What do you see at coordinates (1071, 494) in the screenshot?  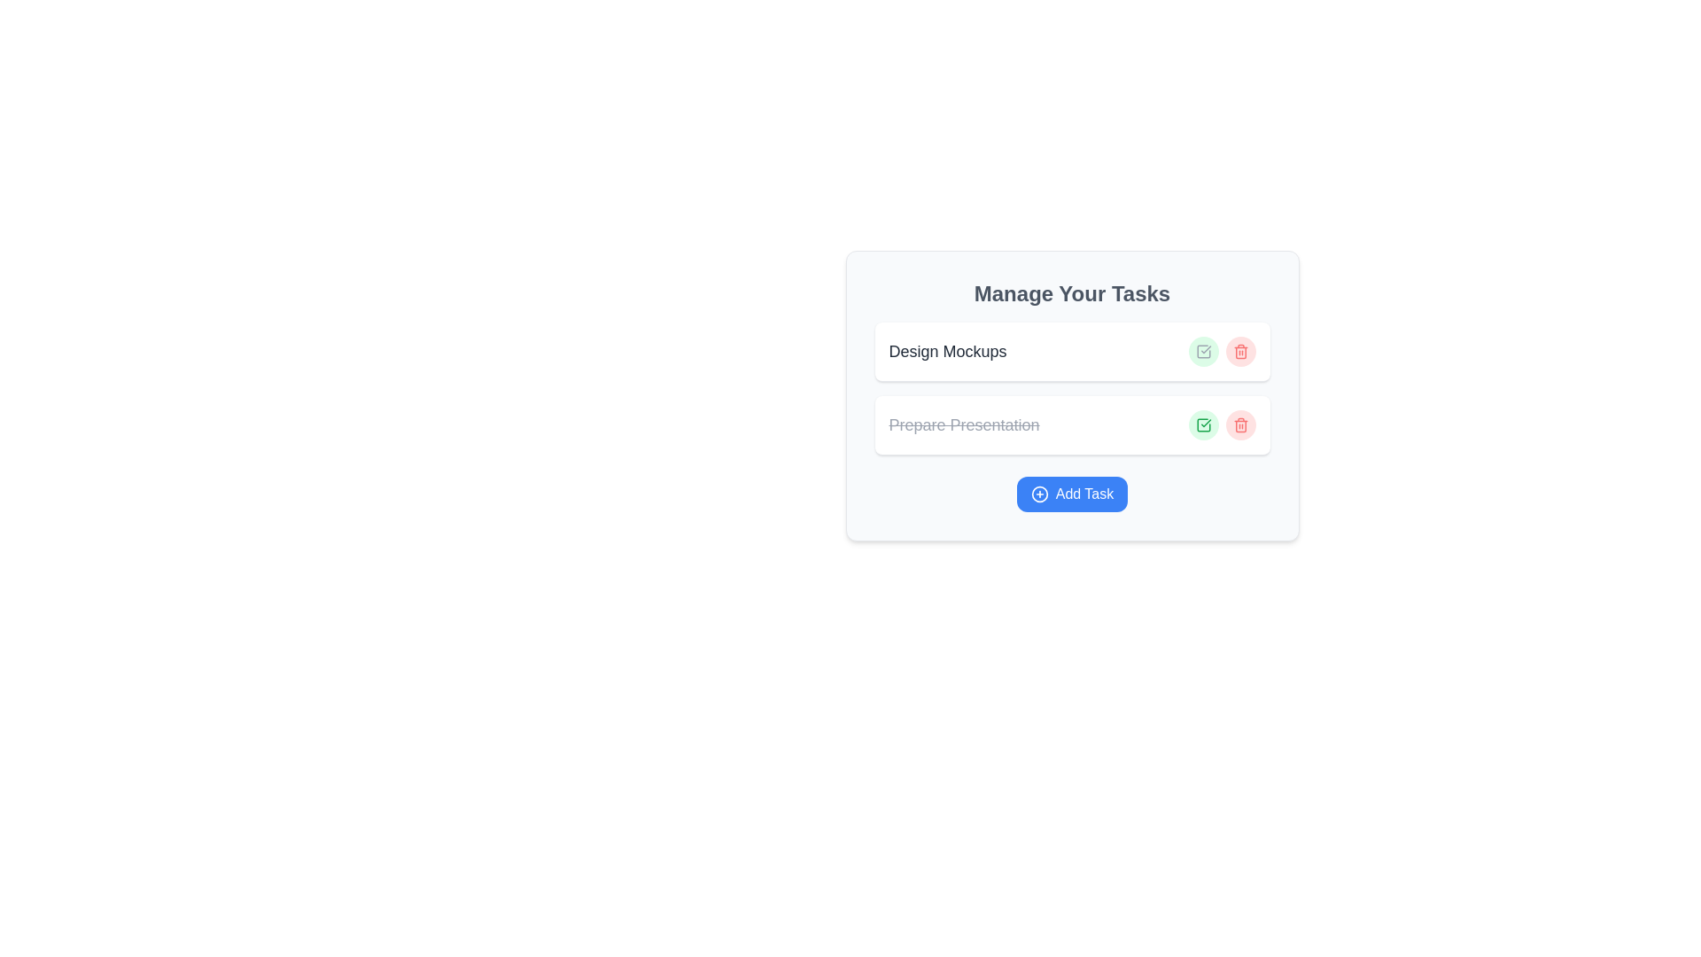 I see `the bright blue 'Add Task' button with a rounded-rectangle shape located at the bottom center of the task management card` at bounding box center [1071, 494].